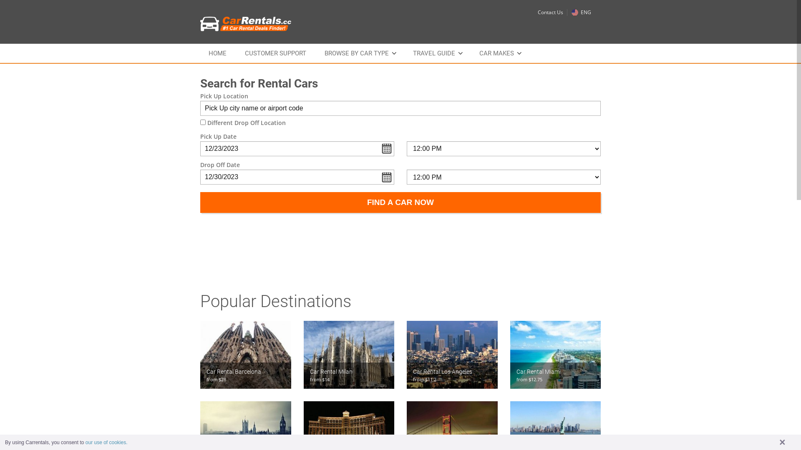 The height and width of the screenshot is (450, 801). I want to click on 'Contact Us', so click(550, 12).